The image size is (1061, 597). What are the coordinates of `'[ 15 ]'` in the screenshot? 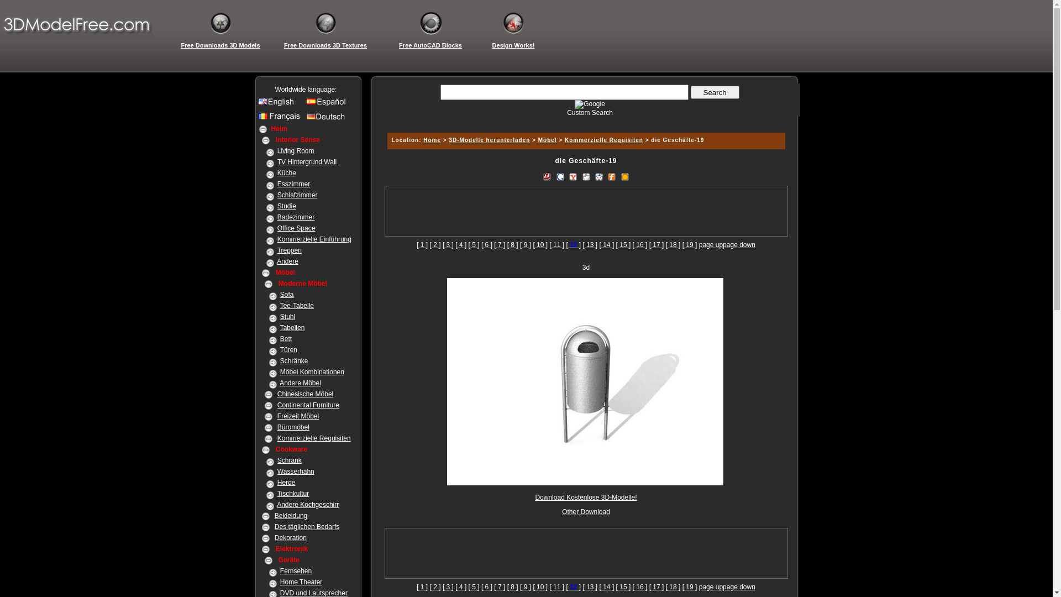 It's located at (615, 244).